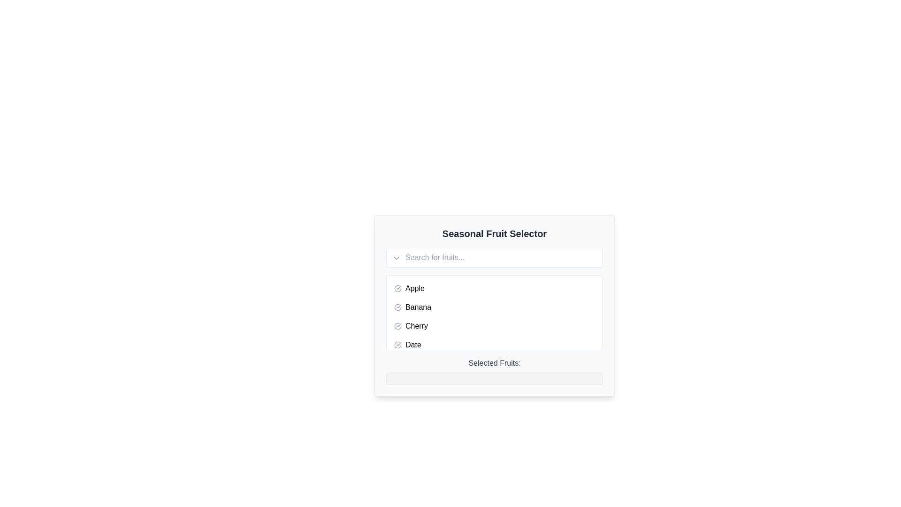  I want to click on on the fourth list item labeled 'Date' in the Seasonal Fruit Selector, so click(494, 345).